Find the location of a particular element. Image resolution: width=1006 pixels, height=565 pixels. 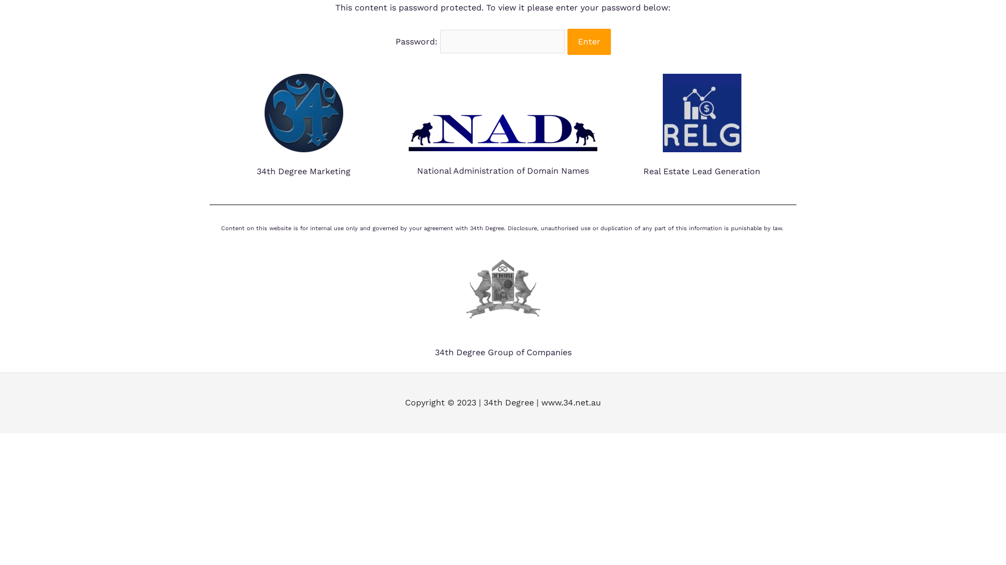

'Enter' is located at coordinates (588, 41).